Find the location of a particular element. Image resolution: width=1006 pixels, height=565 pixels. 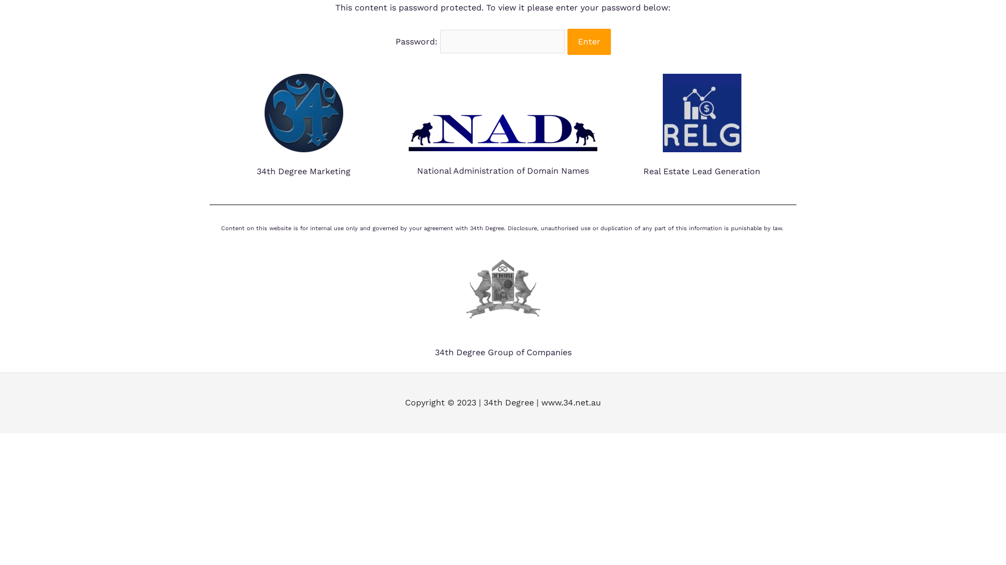

'Enter' is located at coordinates (588, 41).